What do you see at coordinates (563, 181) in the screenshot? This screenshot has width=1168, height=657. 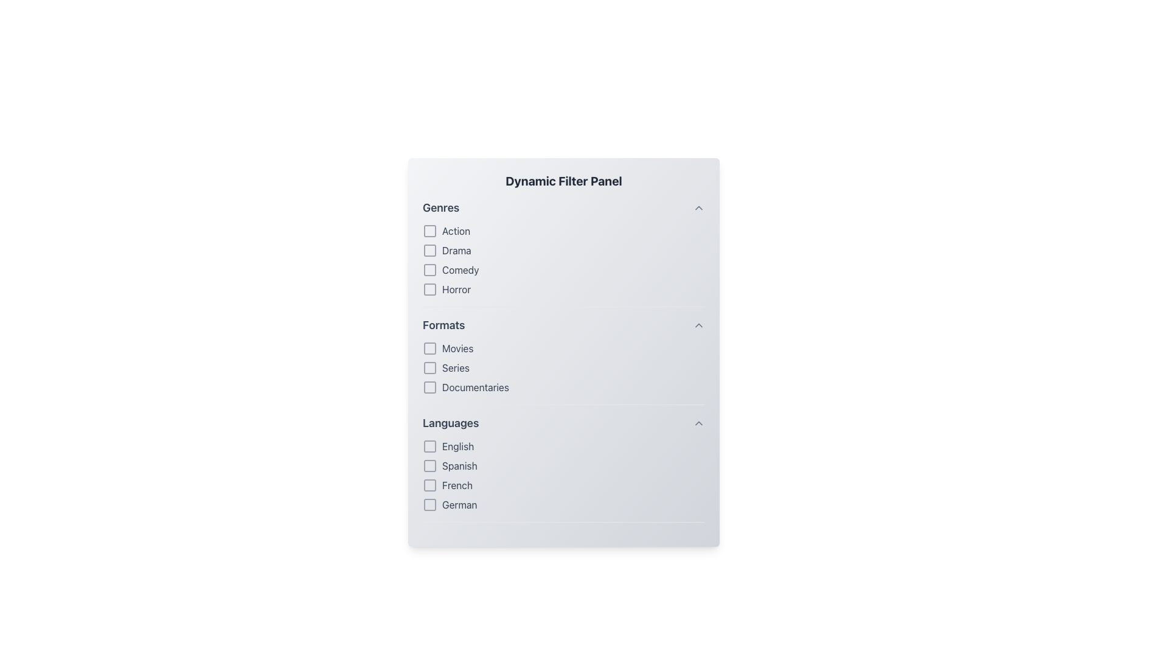 I see `the heading element that indicates the 'Dynamic Filter Panel' feature, which is centrally placed at the top of the panel` at bounding box center [563, 181].